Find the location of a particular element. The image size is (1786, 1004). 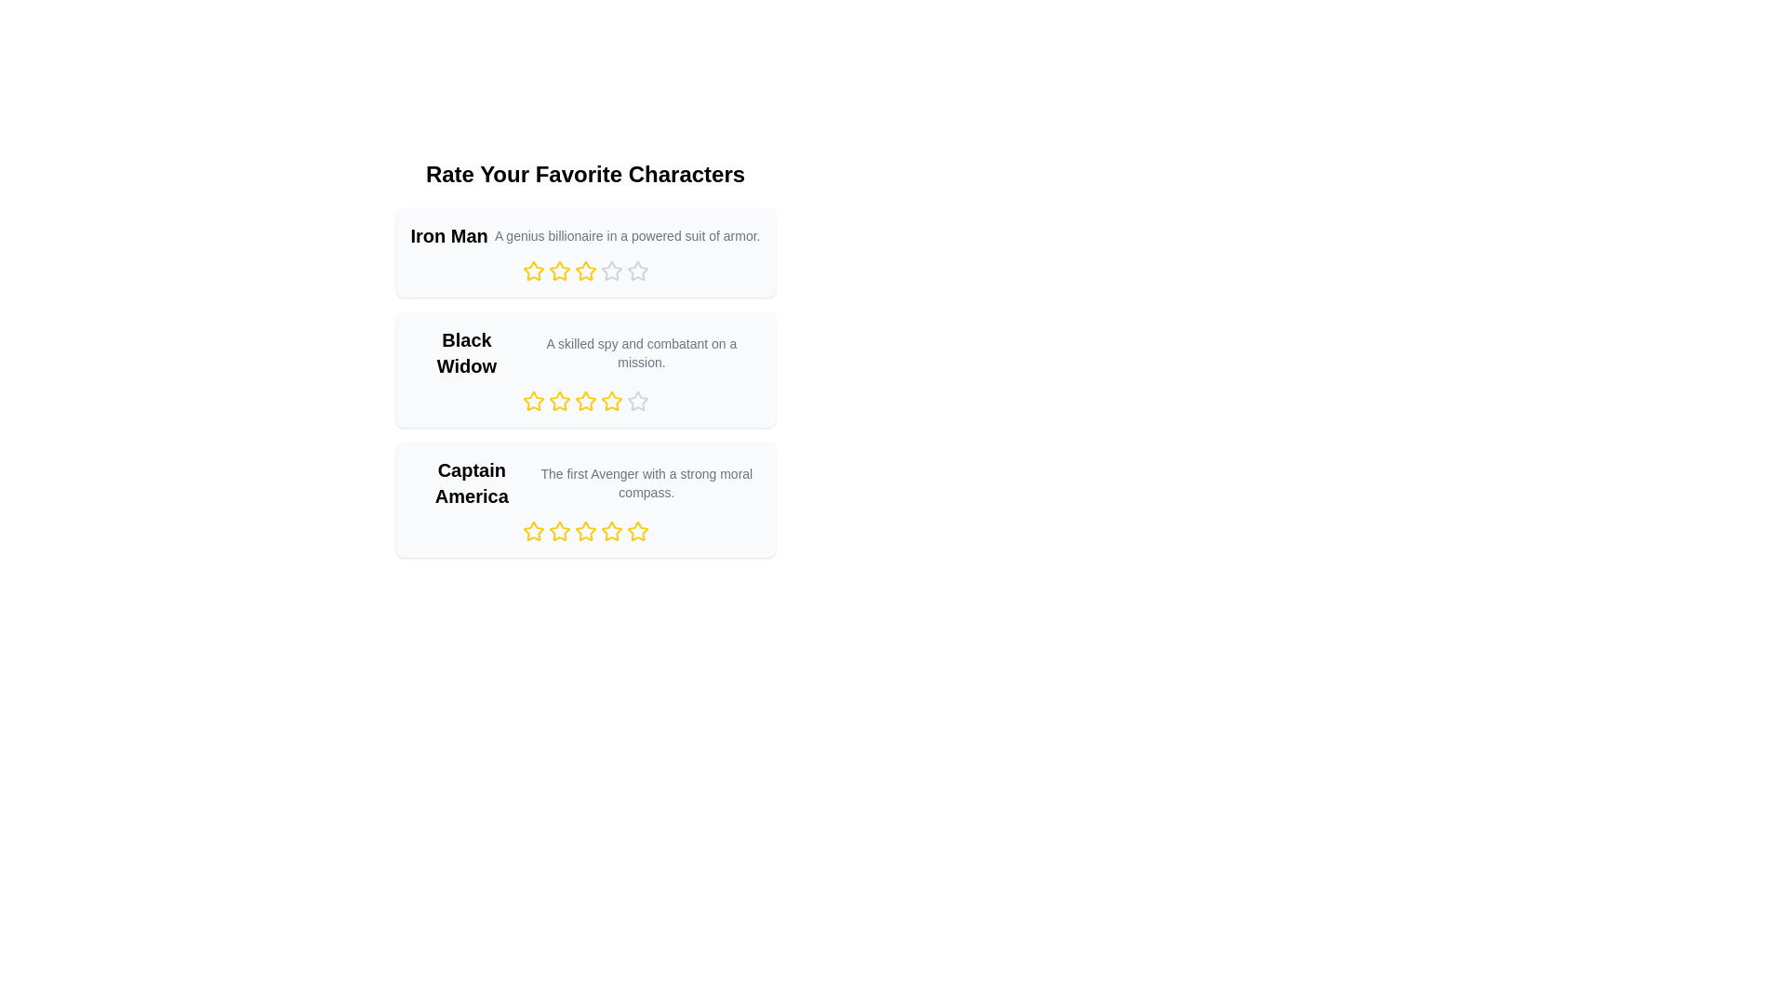

the current rating status by interacting with the fourth star icon for the 'Black Widow' character, located in the middle card of the character list is located at coordinates (611, 400).